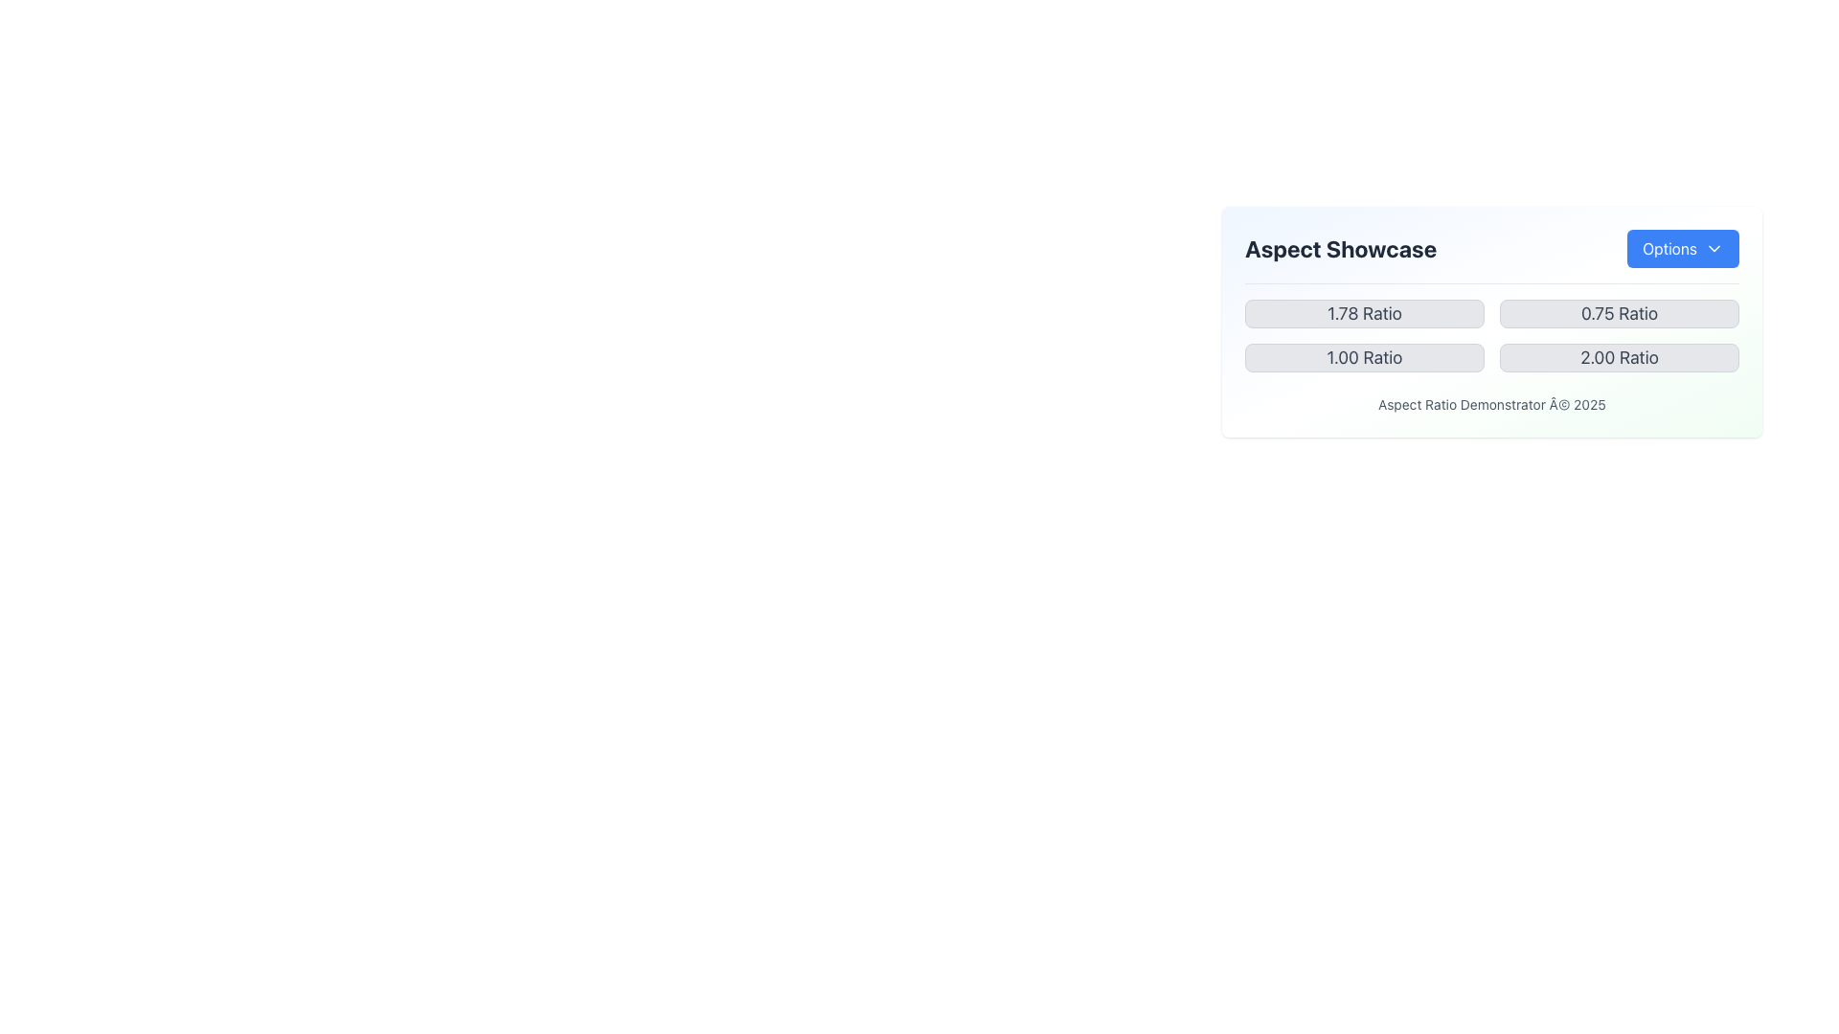 This screenshot has width=1839, height=1034. Describe the element at coordinates (1618, 358) in the screenshot. I see `the '2.00 Ratio' label displayed in gray color and larger font size located in the card titled 'Aspect Showcase' in the bottom-right position of a 2x2 grid layout` at that location.